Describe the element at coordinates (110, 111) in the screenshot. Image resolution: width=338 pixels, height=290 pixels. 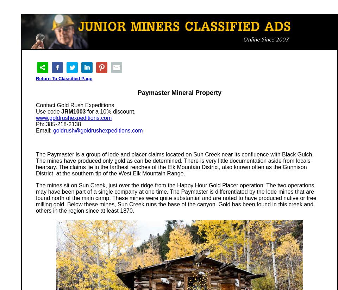
I see `'for a 10% discount.'` at that location.